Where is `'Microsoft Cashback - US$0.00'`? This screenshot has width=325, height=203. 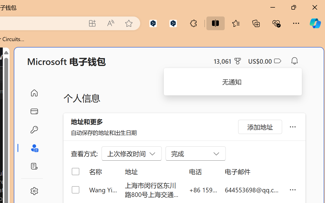 'Microsoft Cashback - US$0.00' is located at coordinates (264, 61).